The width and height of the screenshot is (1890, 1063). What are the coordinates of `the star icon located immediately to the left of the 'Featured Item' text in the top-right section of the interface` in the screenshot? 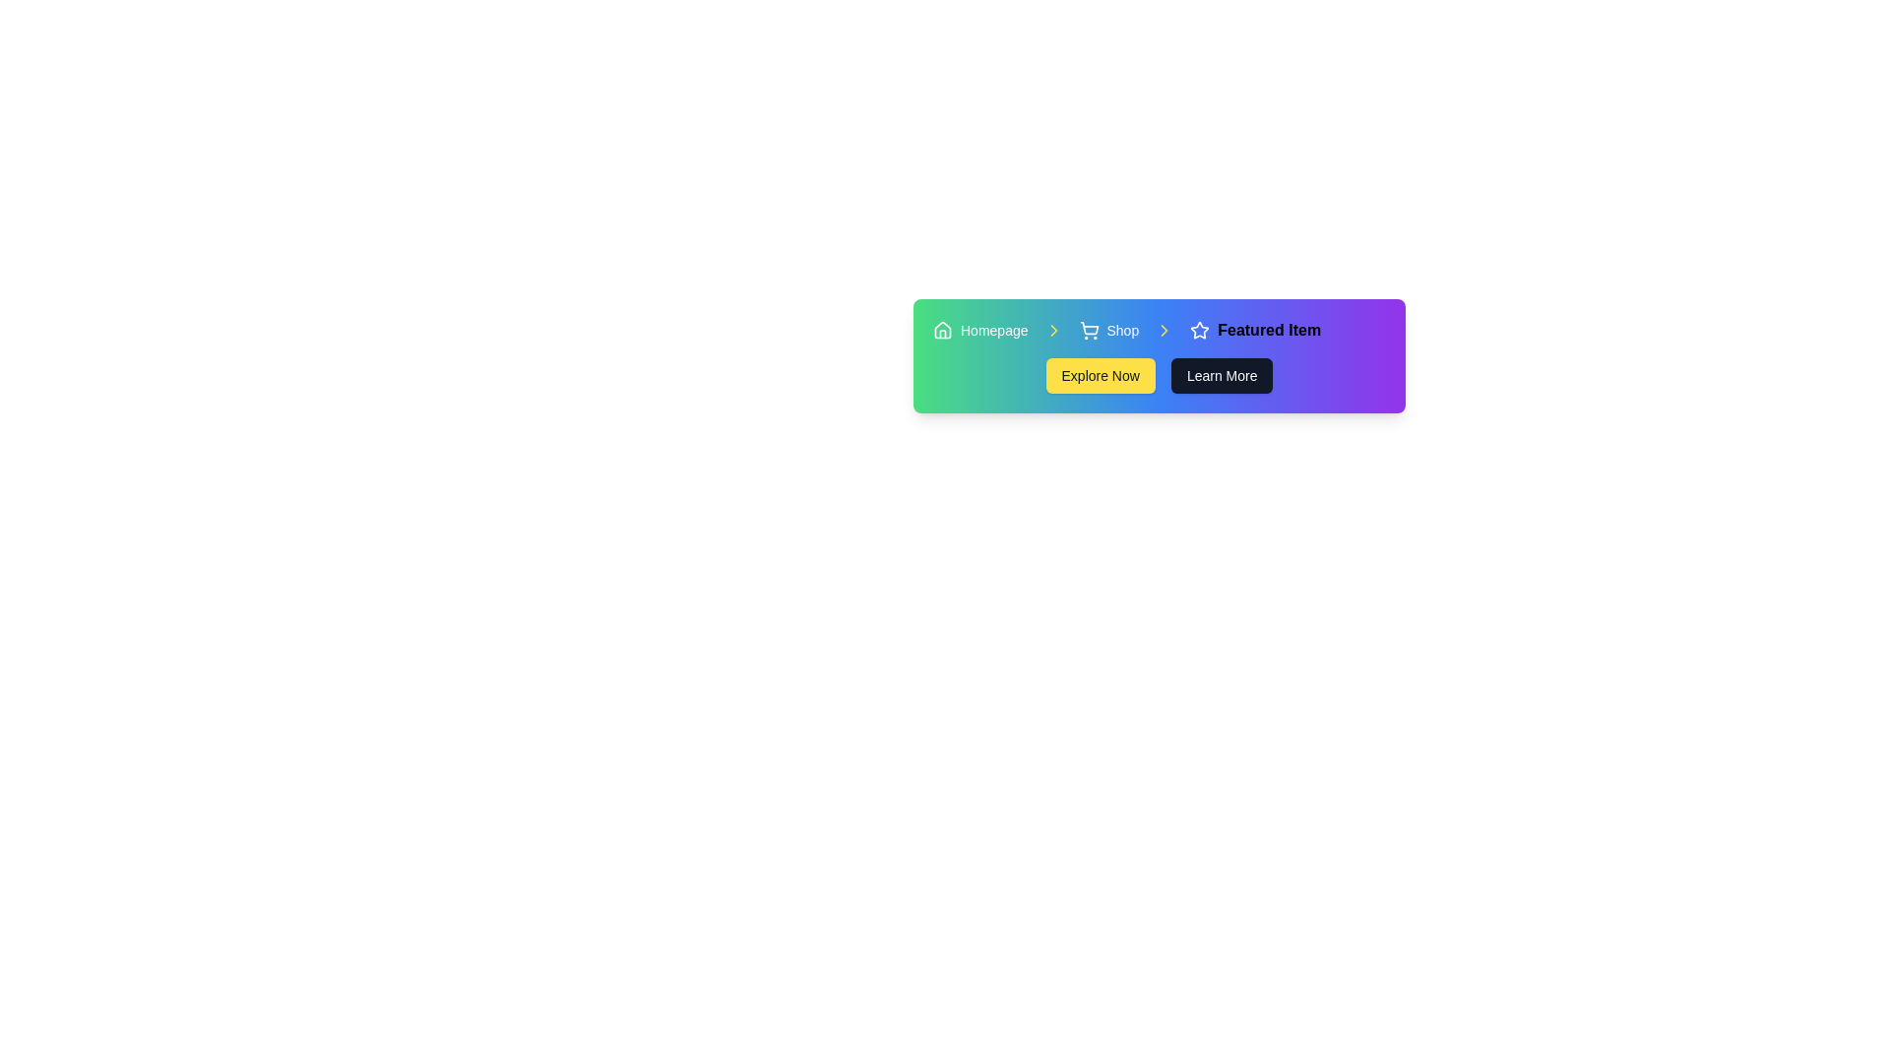 It's located at (1199, 329).